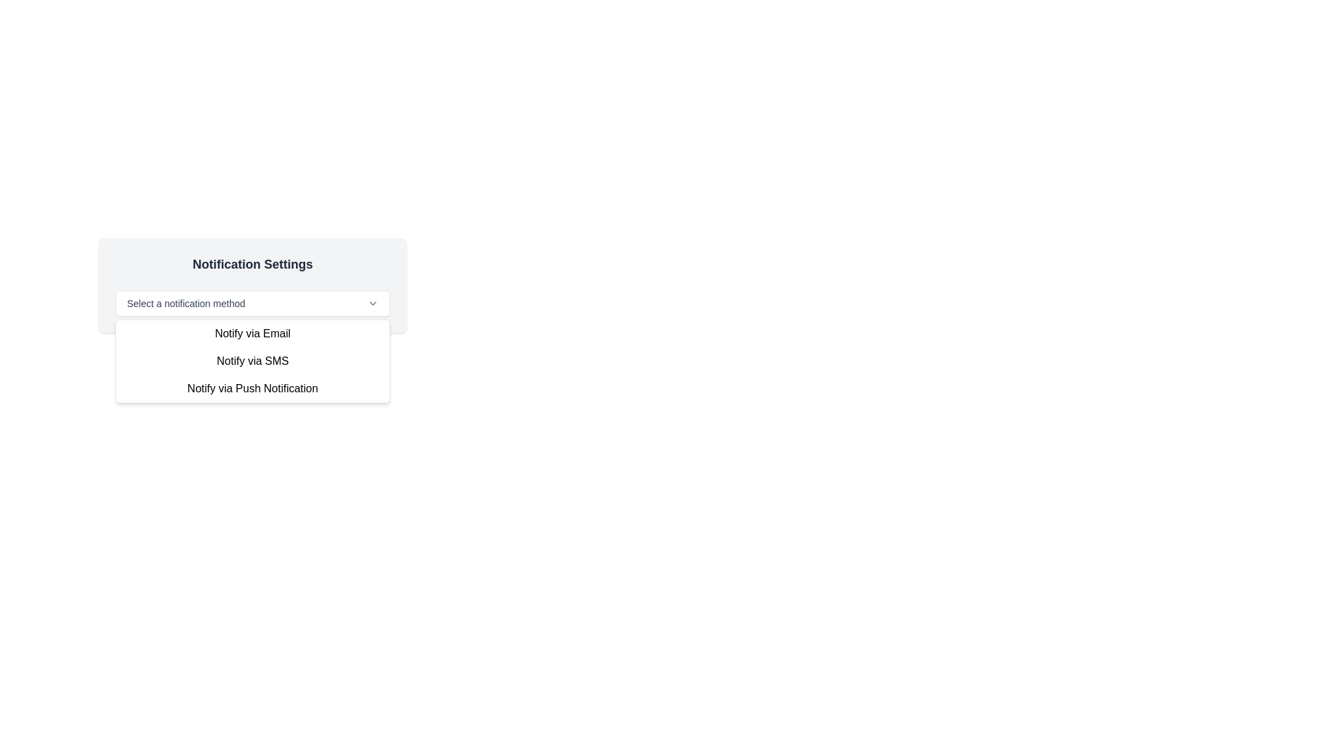  I want to click on the small downward-pointing chevron icon on the right side of the 'Select a notification method' dropdown, so click(372, 303).